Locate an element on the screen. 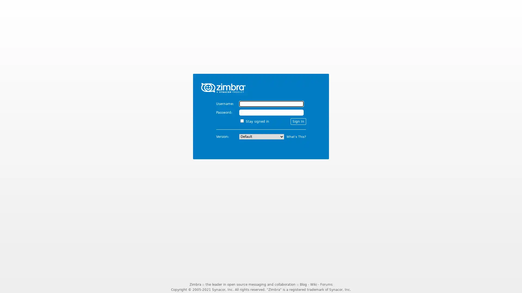 The height and width of the screenshot is (293, 522). Sign In is located at coordinates (298, 121).